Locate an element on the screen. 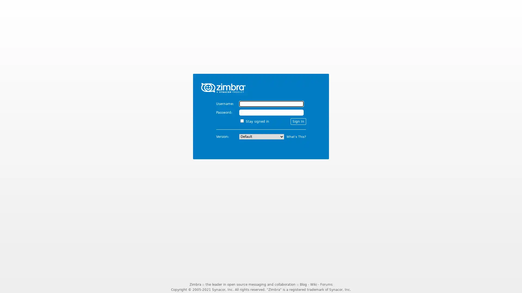 The height and width of the screenshot is (293, 522). Sign In is located at coordinates (298, 121).